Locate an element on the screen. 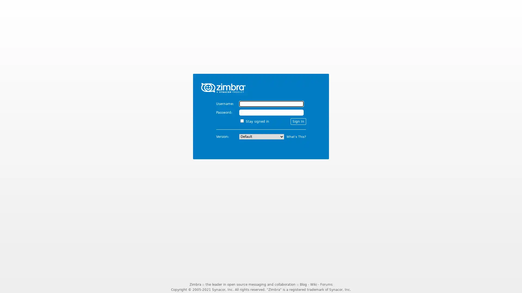 The height and width of the screenshot is (293, 522). Sign In is located at coordinates (298, 121).